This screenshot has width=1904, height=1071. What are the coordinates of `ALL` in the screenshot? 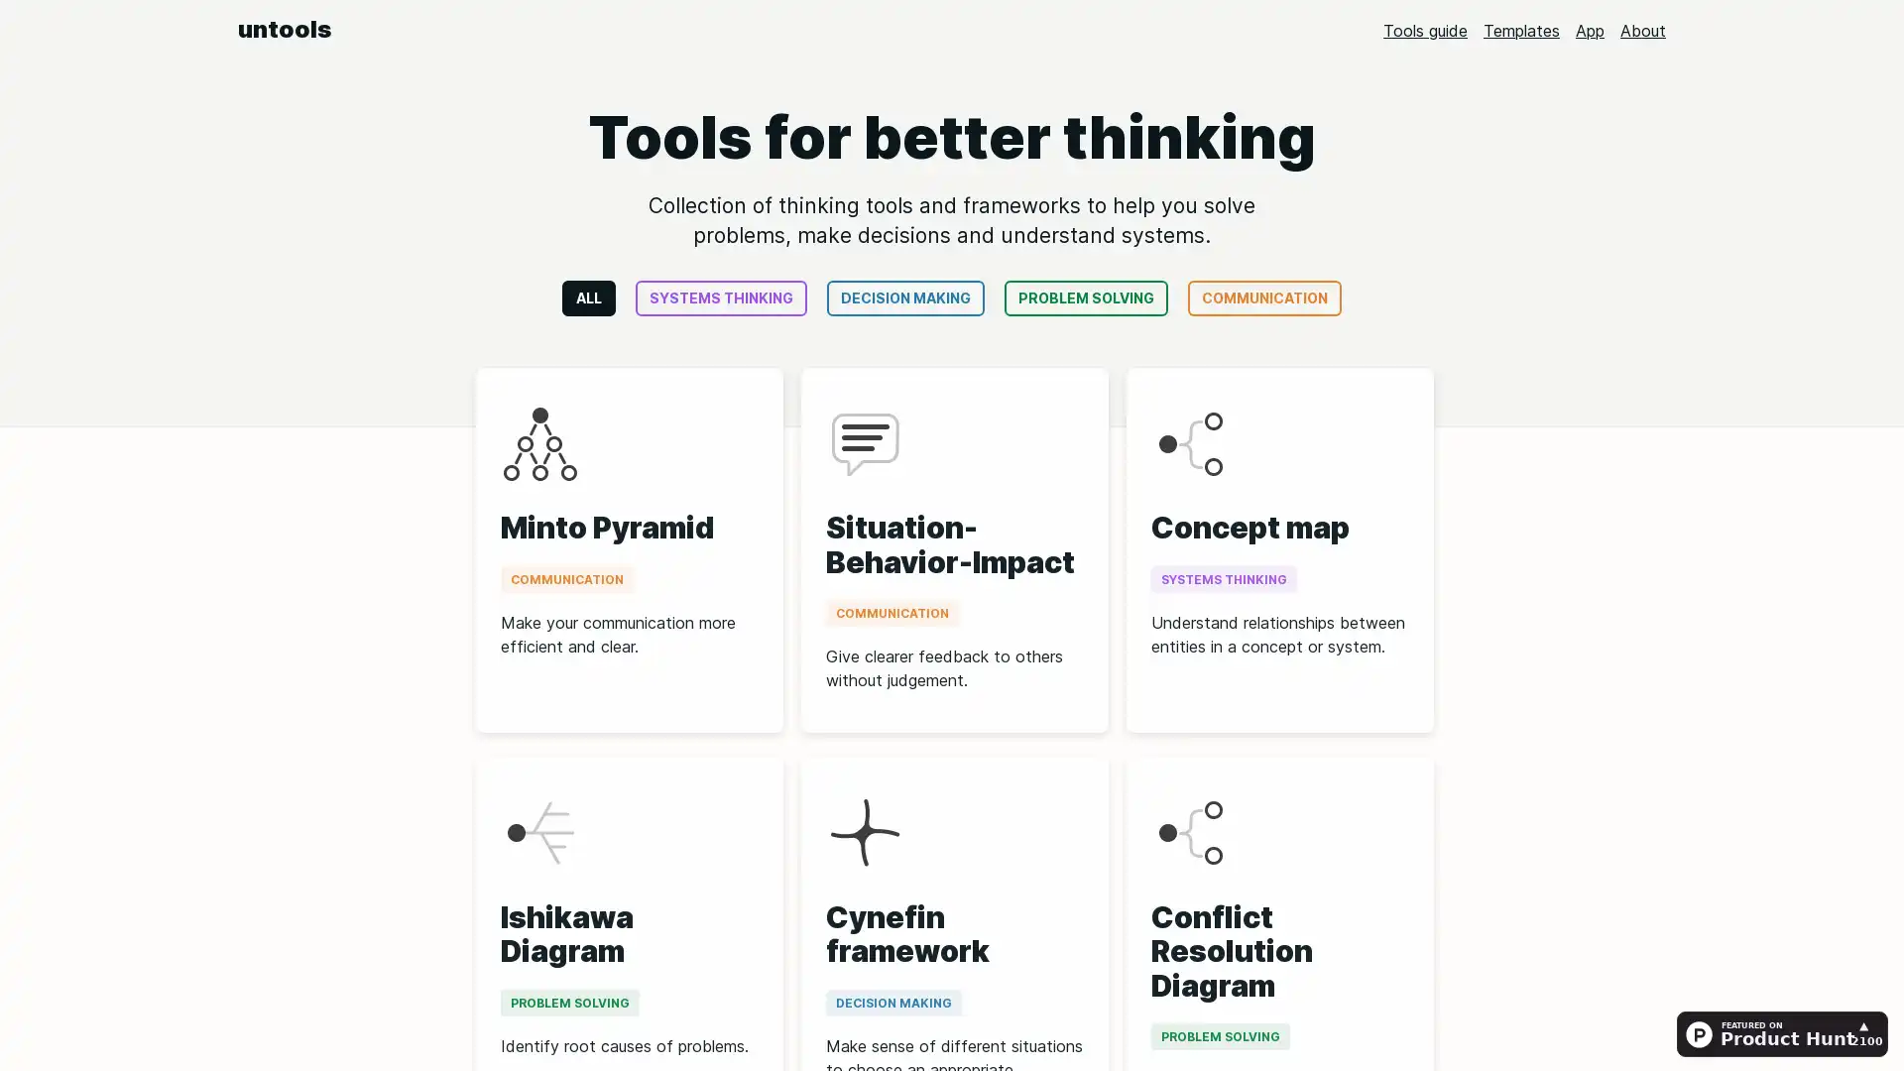 It's located at (588, 297).